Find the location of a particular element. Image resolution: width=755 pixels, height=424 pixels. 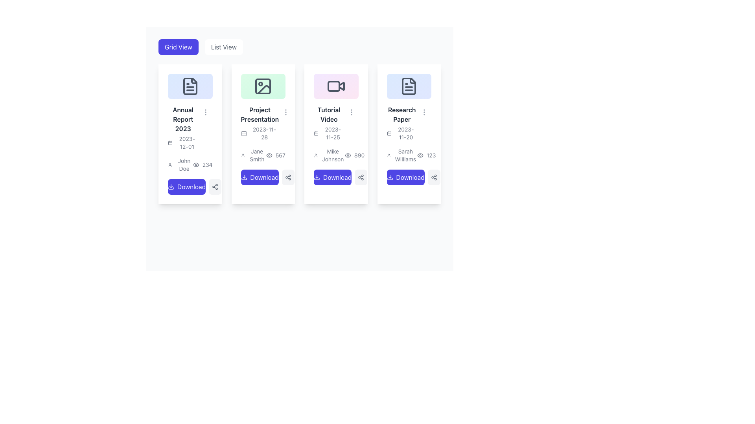

the text label displaying the date in the fourth card item, located below the title 'Research Paper' and above the name 'Sarah Williams' is located at coordinates (406, 133).